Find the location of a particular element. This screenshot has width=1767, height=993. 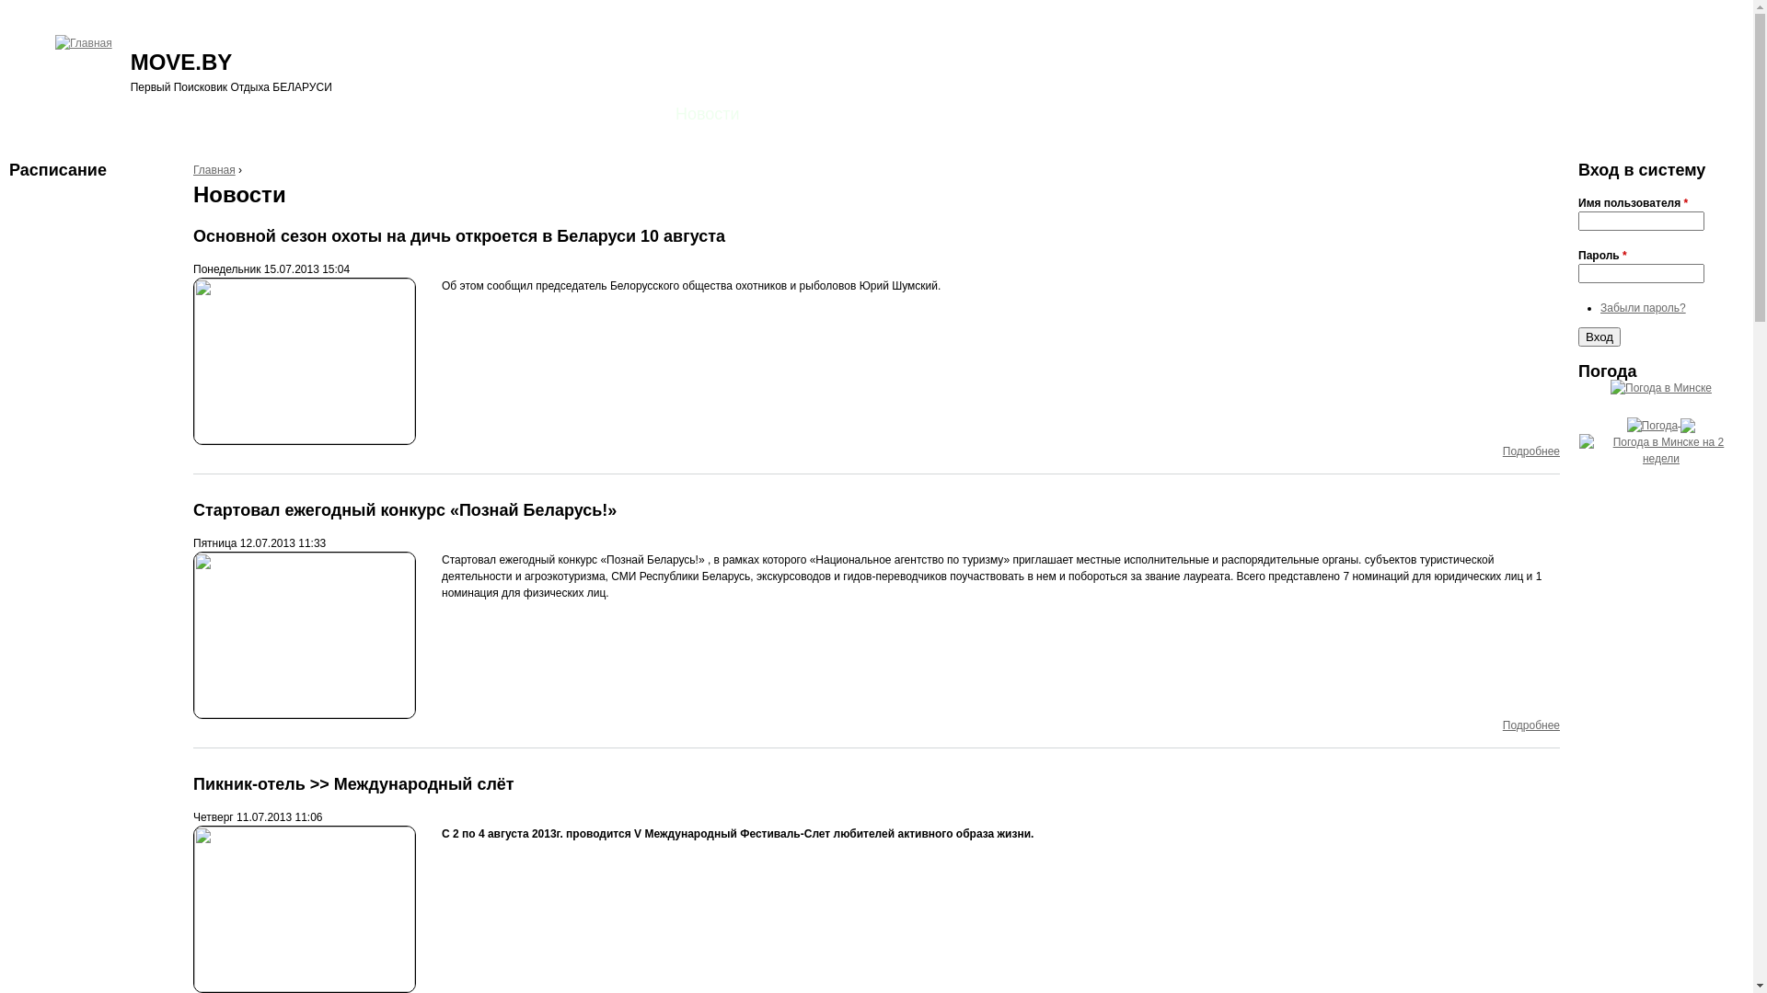

'MOVE.BY' is located at coordinates (181, 61).